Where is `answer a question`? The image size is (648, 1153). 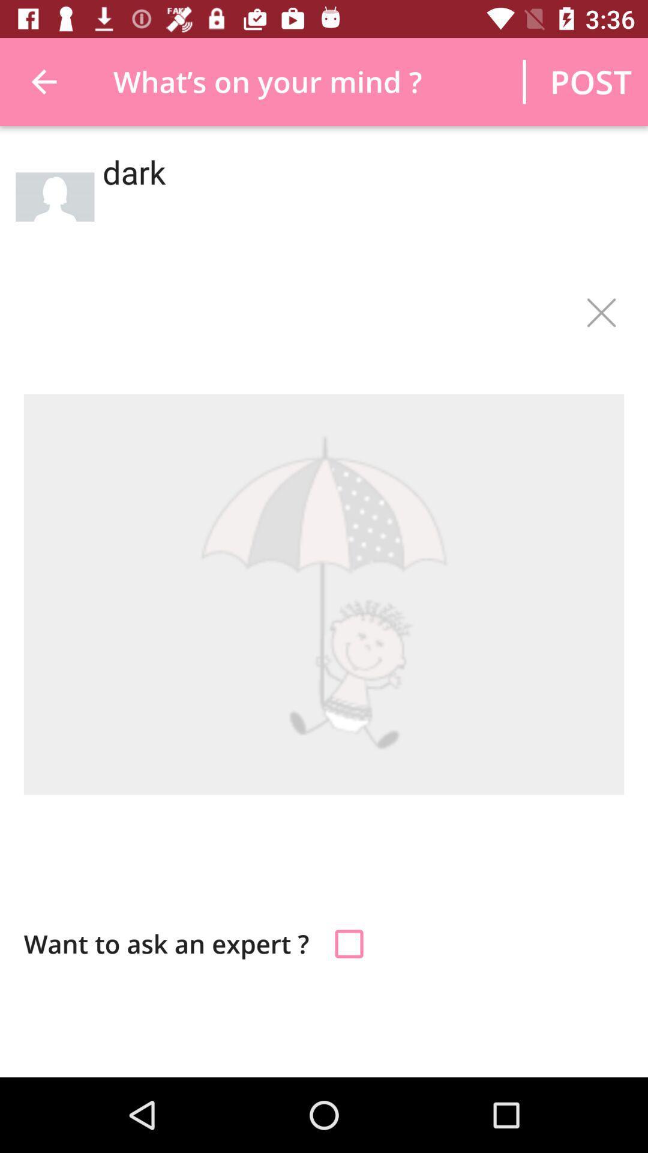 answer a question is located at coordinates (349, 943).